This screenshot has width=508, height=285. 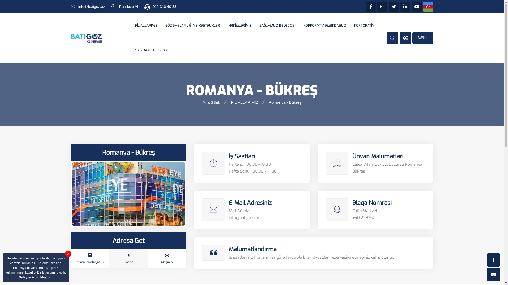 I want to click on 'Piyada', so click(x=128, y=258).